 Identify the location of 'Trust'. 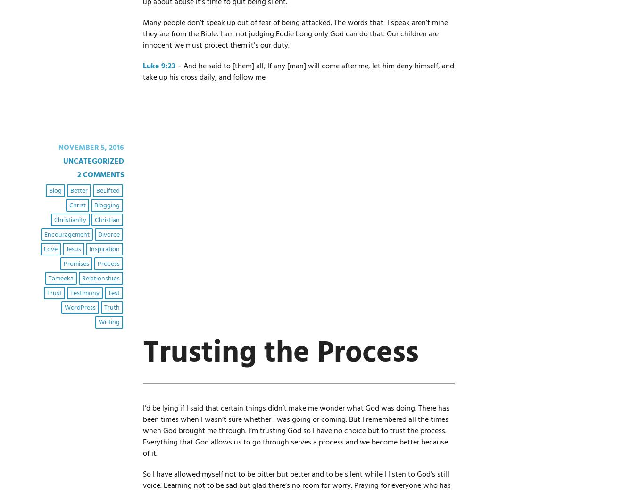
(54, 293).